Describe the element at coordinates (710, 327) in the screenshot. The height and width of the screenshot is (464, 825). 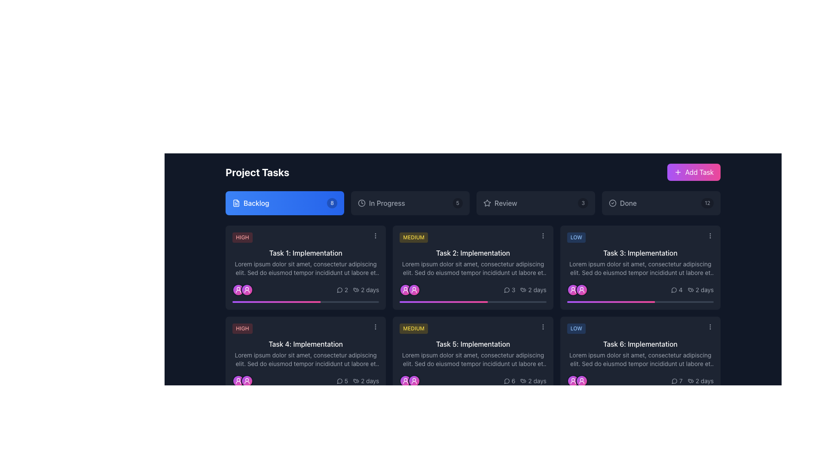
I see `the Icon-button located in the top-right corner of the card titled 'Task 3: Implementation' within the 'Done' section` at that location.